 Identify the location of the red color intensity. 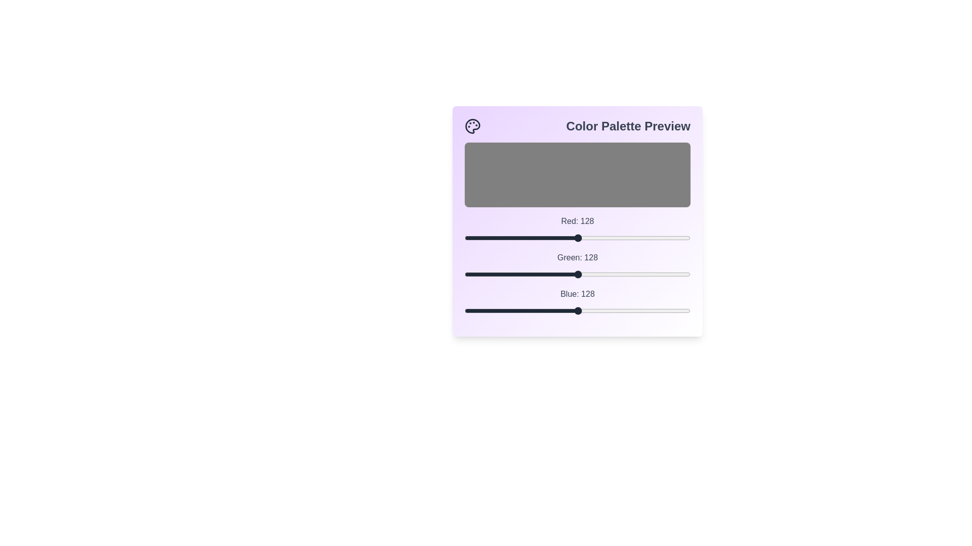
(512, 238).